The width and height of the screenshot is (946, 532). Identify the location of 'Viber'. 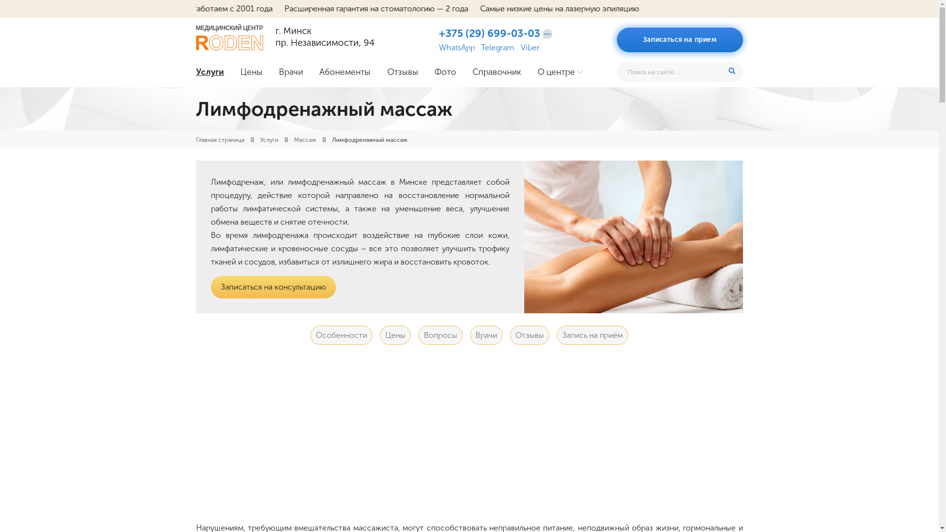
(529, 47).